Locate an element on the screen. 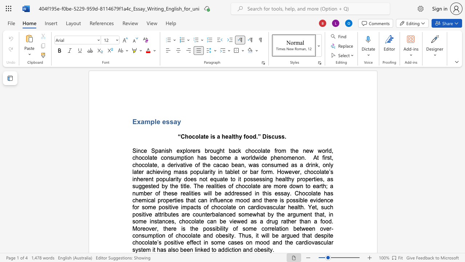 The image size is (465, 262). the space between the continuous character "p" and "l" in the text is located at coordinates (154, 121).